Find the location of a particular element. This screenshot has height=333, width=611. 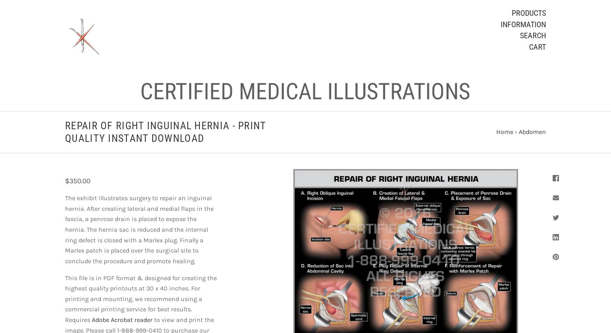

'Adobe Acrobat reader' is located at coordinates (122, 320).